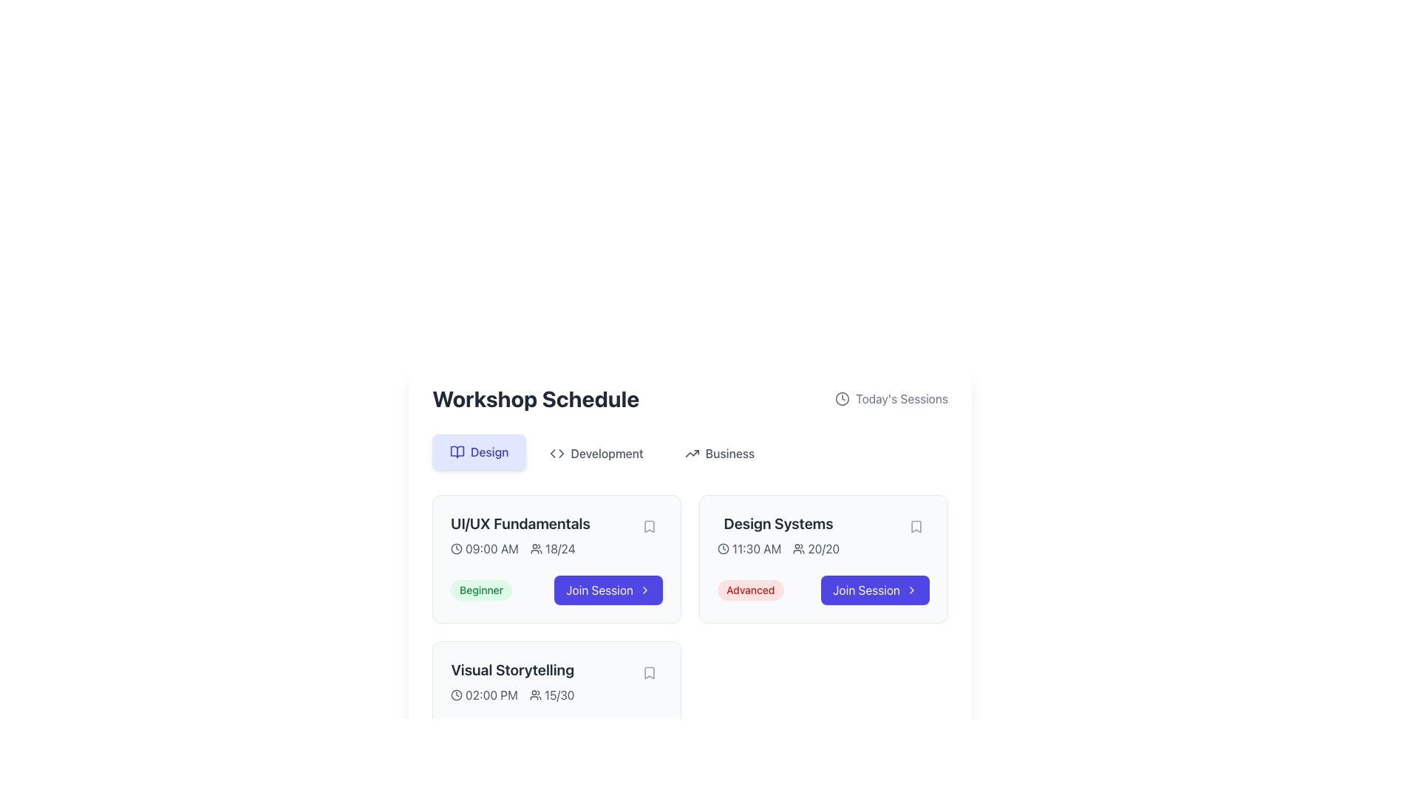 This screenshot has height=798, width=1419. What do you see at coordinates (552, 452) in the screenshot?
I see `the leftward arrow decorative graphic element located near the 'Development' section tab at the upper area of the interface` at bounding box center [552, 452].